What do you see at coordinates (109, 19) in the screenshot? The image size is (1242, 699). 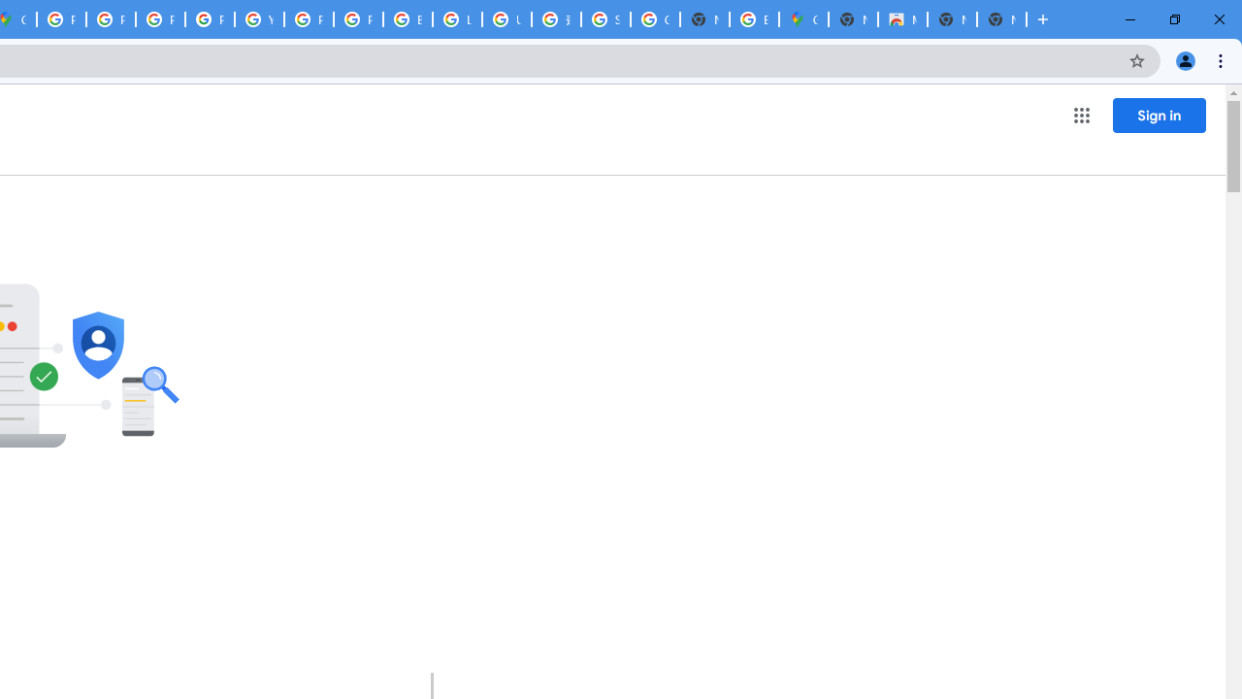 I see `'Privacy Help Center - Policies Help'` at bounding box center [109, 19].